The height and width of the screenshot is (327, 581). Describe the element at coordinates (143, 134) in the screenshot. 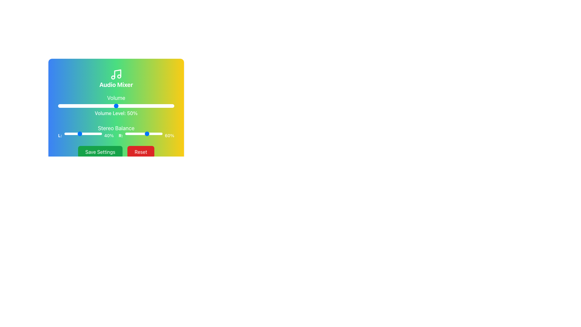

I see `the stereo balance` at that location.